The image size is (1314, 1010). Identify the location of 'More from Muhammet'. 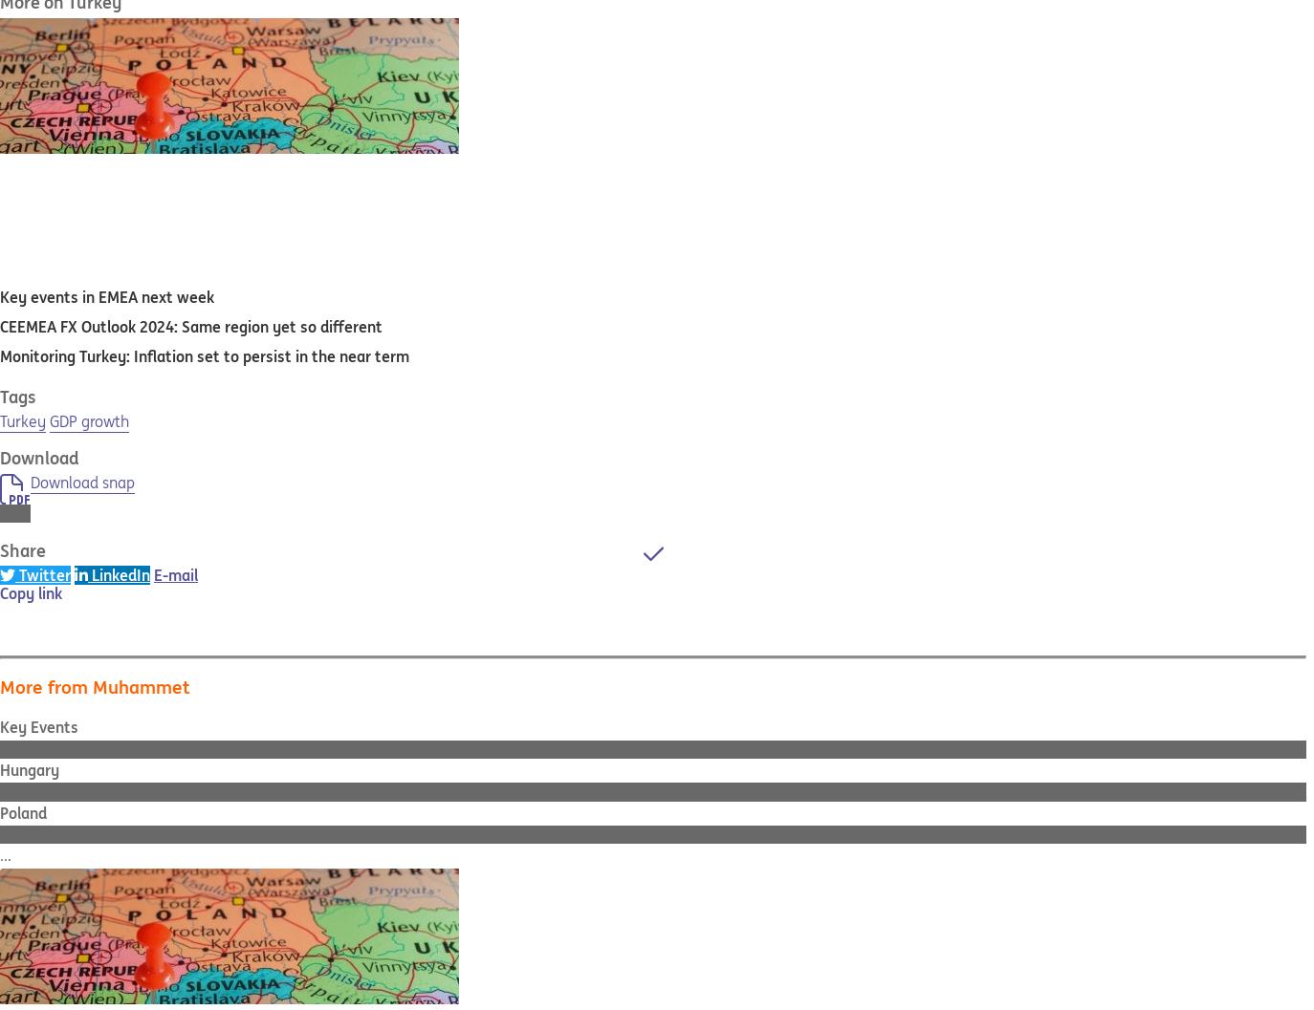
(0, 685).